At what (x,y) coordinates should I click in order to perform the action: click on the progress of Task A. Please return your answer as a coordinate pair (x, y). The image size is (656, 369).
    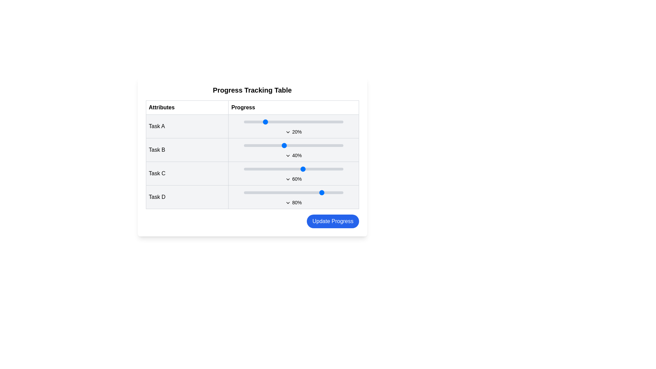
    Looking at the image, I should click on (281, 122).